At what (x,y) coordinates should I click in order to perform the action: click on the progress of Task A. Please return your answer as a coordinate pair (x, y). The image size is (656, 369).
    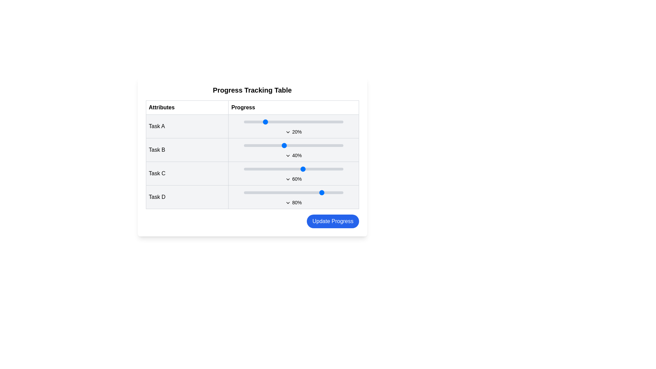
    Looking at the image, I should click on (281, 122).